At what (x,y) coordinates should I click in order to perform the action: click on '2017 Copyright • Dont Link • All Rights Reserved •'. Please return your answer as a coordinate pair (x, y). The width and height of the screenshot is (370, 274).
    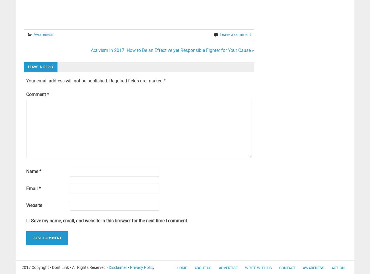
    Looking at the image, I should click on (65, 267).